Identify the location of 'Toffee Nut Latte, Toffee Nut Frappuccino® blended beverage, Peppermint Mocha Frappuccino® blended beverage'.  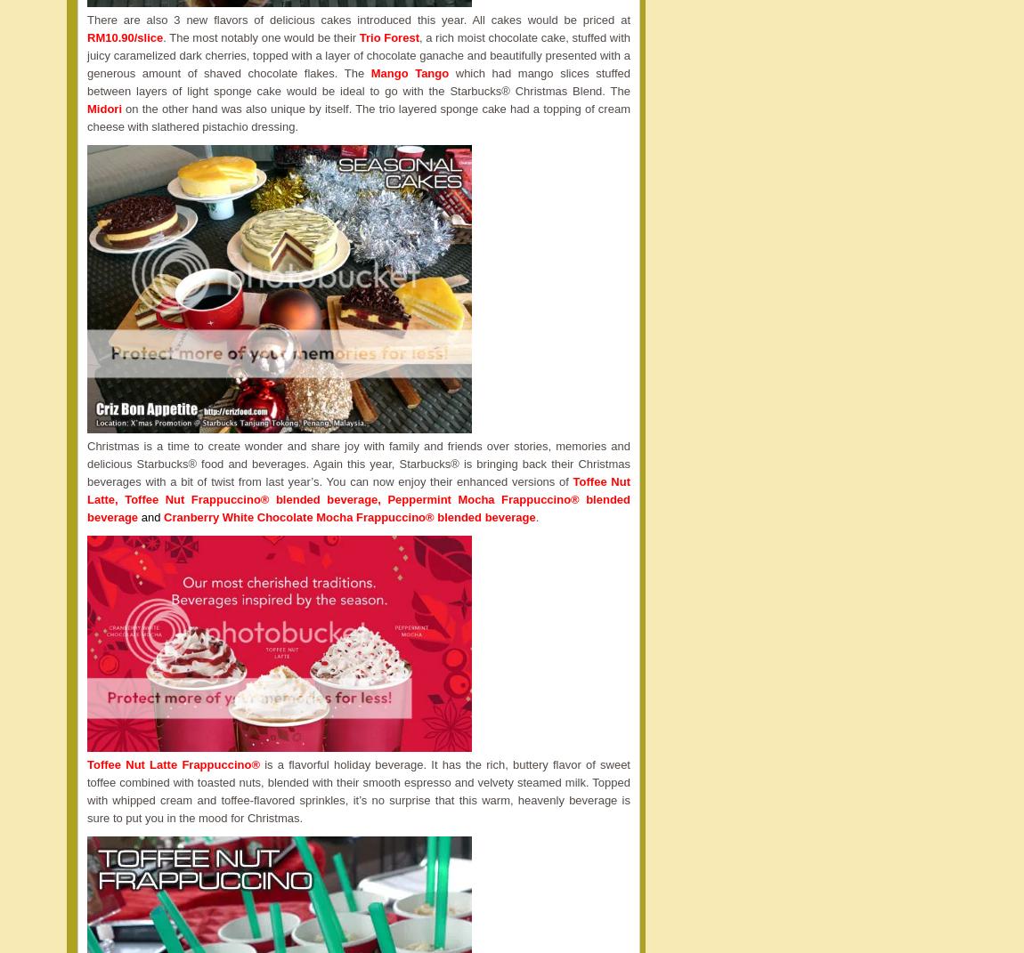
(358, 499).